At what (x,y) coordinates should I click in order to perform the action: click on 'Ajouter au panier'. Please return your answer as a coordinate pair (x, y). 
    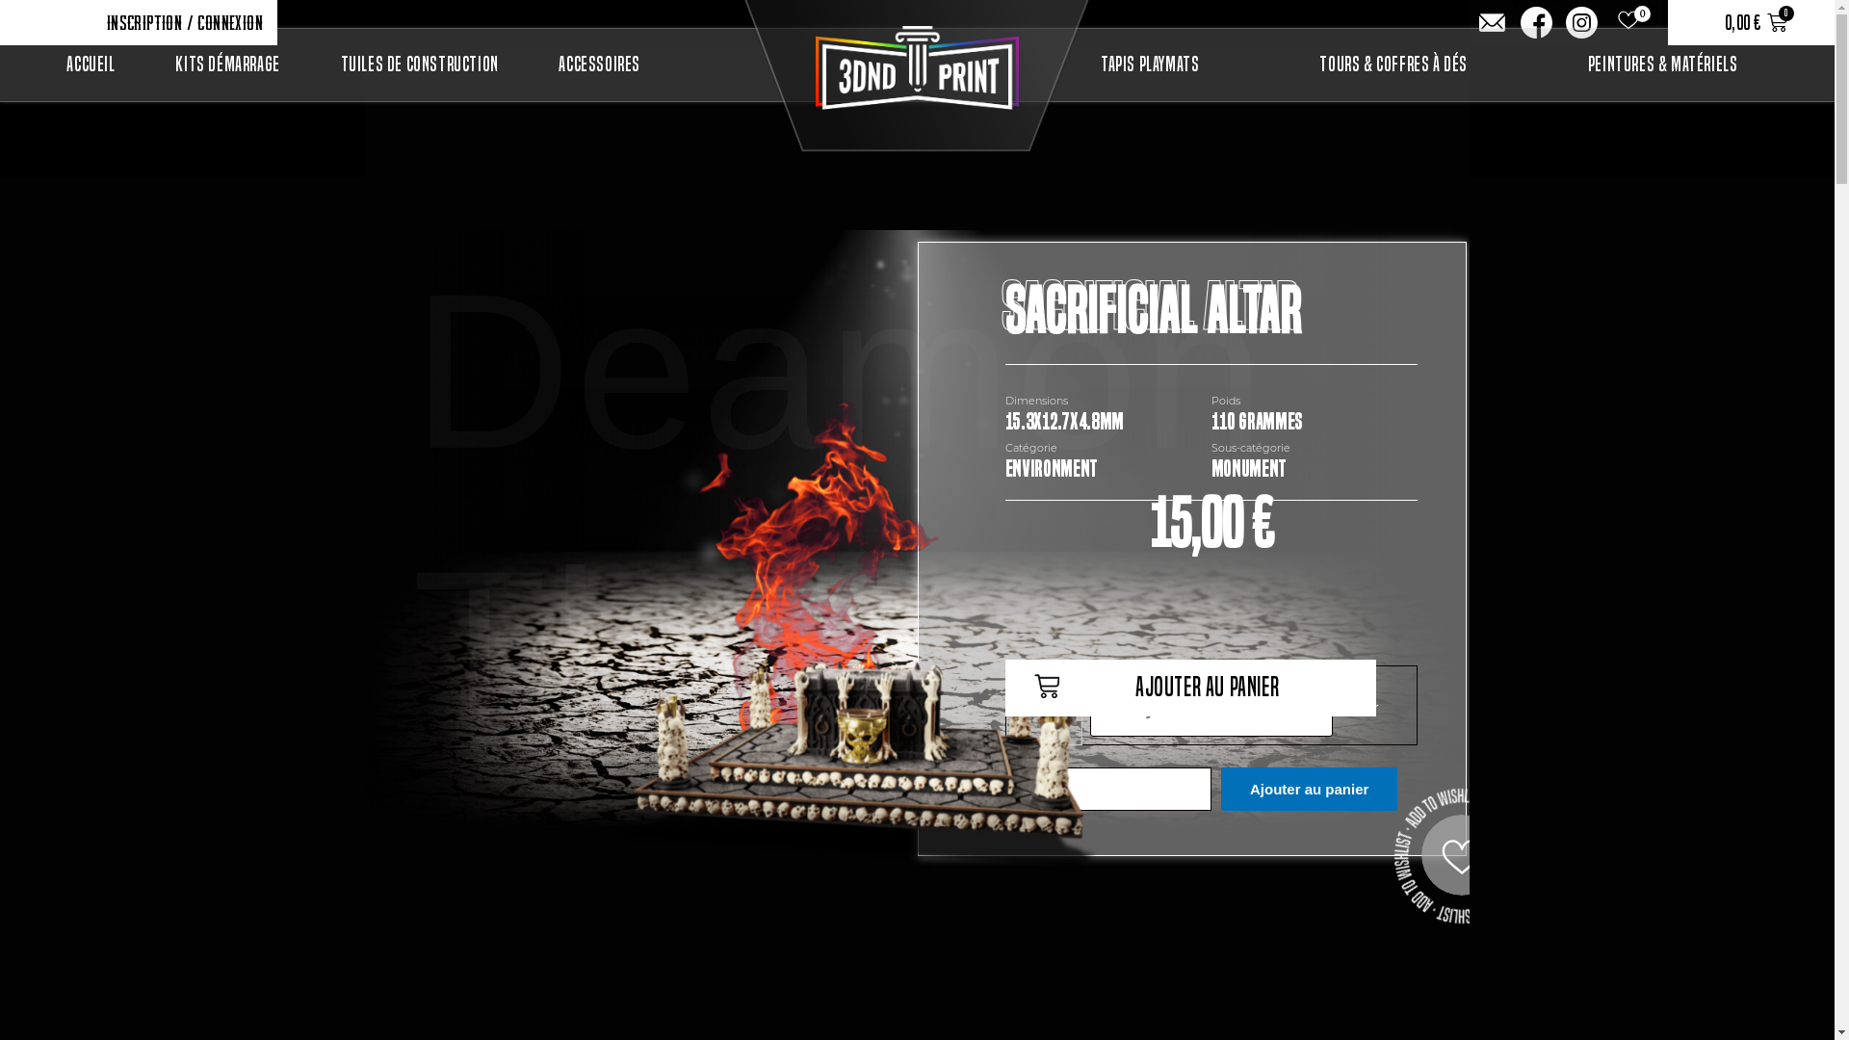
    Looking at the image, I should click on (1309, 789).